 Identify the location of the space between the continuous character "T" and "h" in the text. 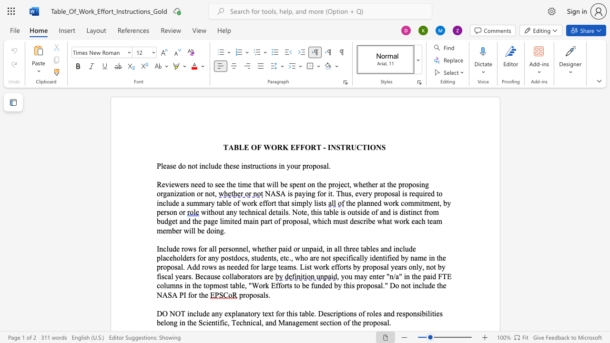
(340, 193).